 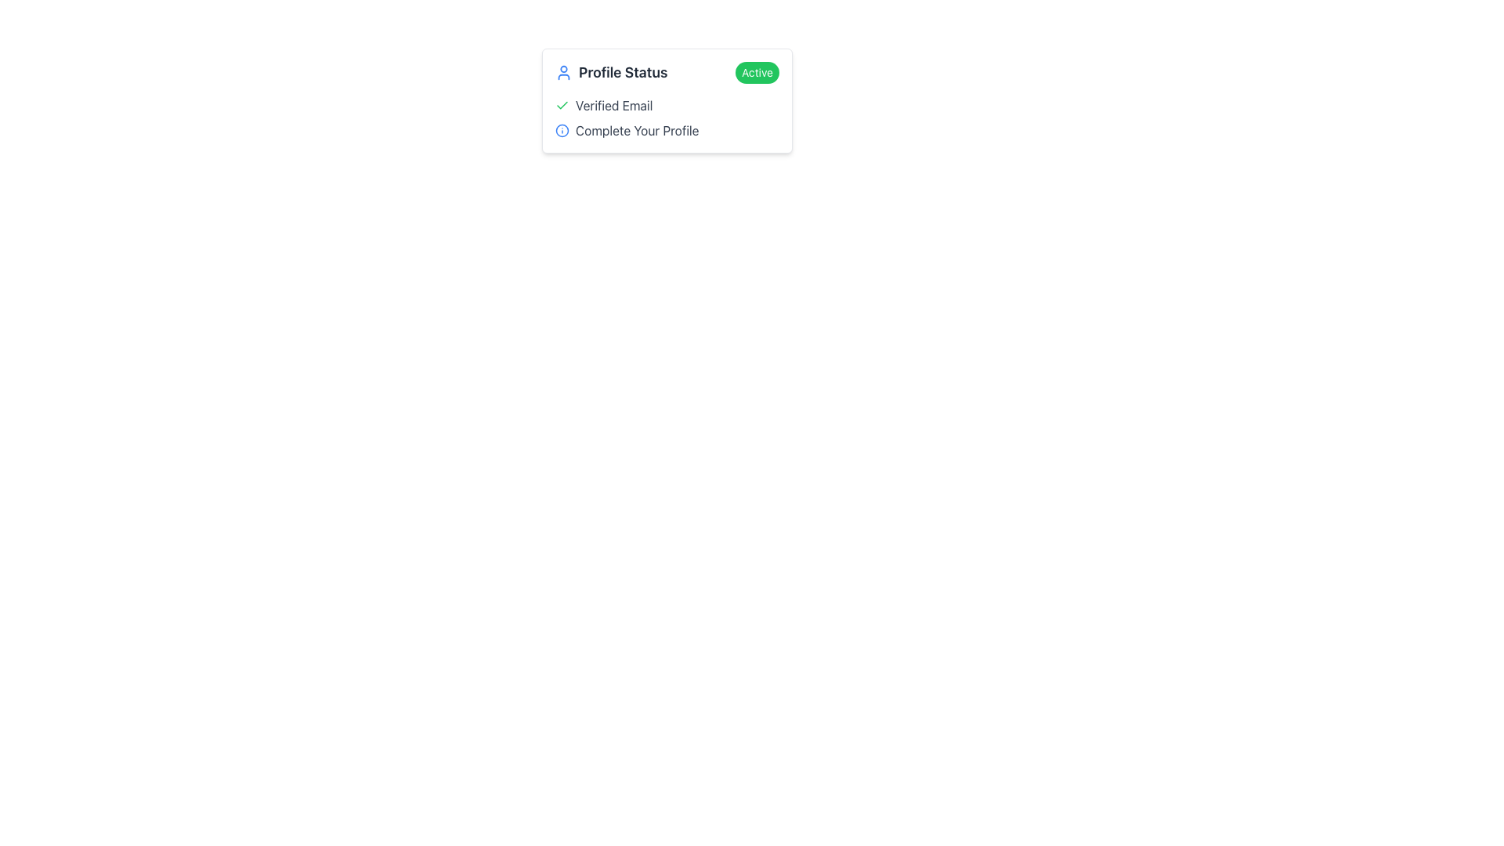 I want to click on the 'Profile Status' label which is styled with a bold, gray font and is positioned next to a blue user icon, located in the upper-left part of the card-like interface, so click(x=610, y=72).